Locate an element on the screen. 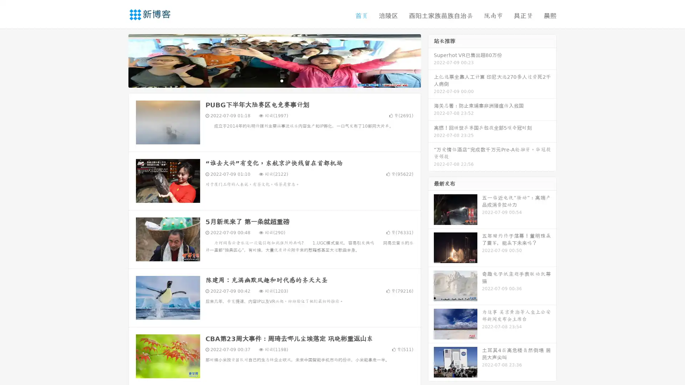 This screenshot has height=385, width=685. Previous slide is located at coordinates (118, 60).